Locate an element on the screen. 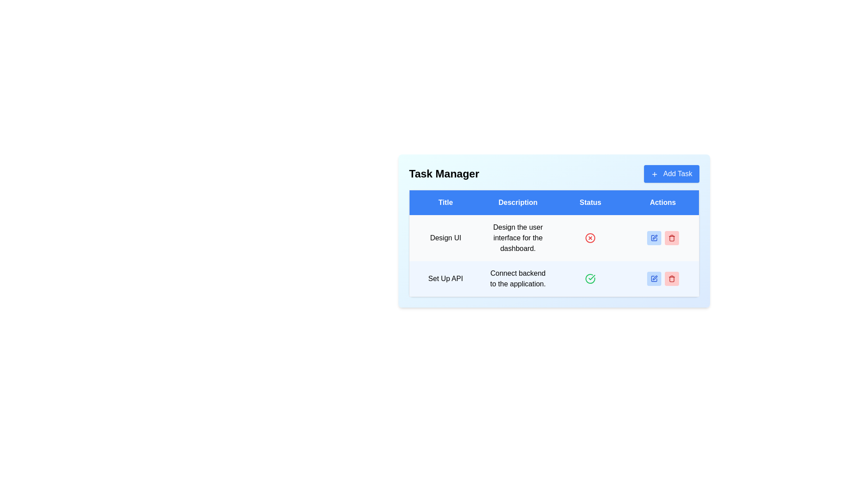  the green circular icon with the checkmark in the 'Status' column for the task 'Set Up API' is located at coordinates (592, 277).